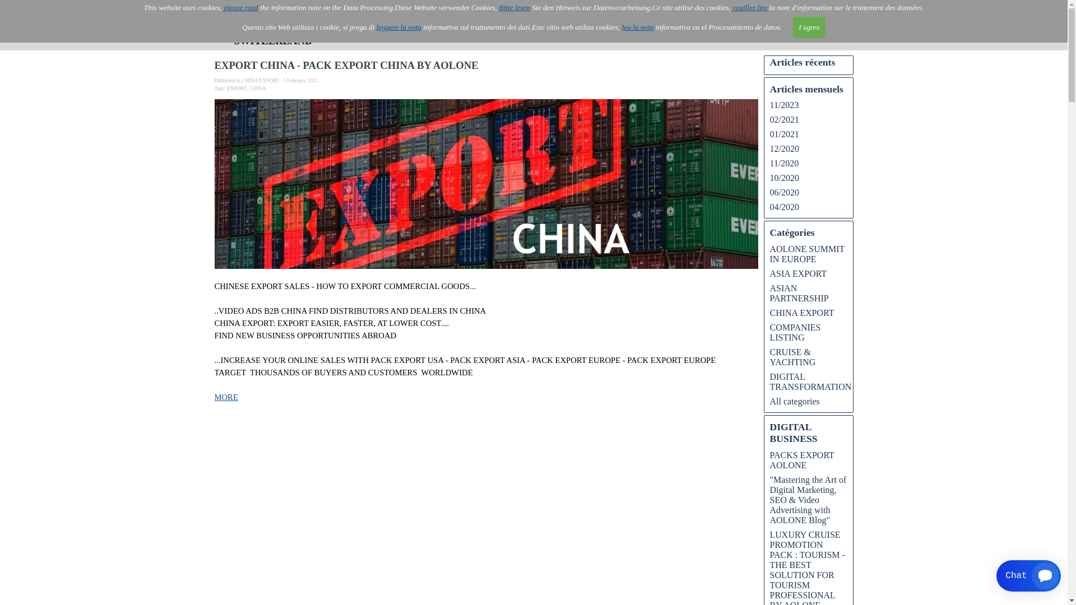  What do you see at coordinates (1028, 576) in the screenshot?
I see `'Smartsupp widget button'` at bounding box center [1028, 576].